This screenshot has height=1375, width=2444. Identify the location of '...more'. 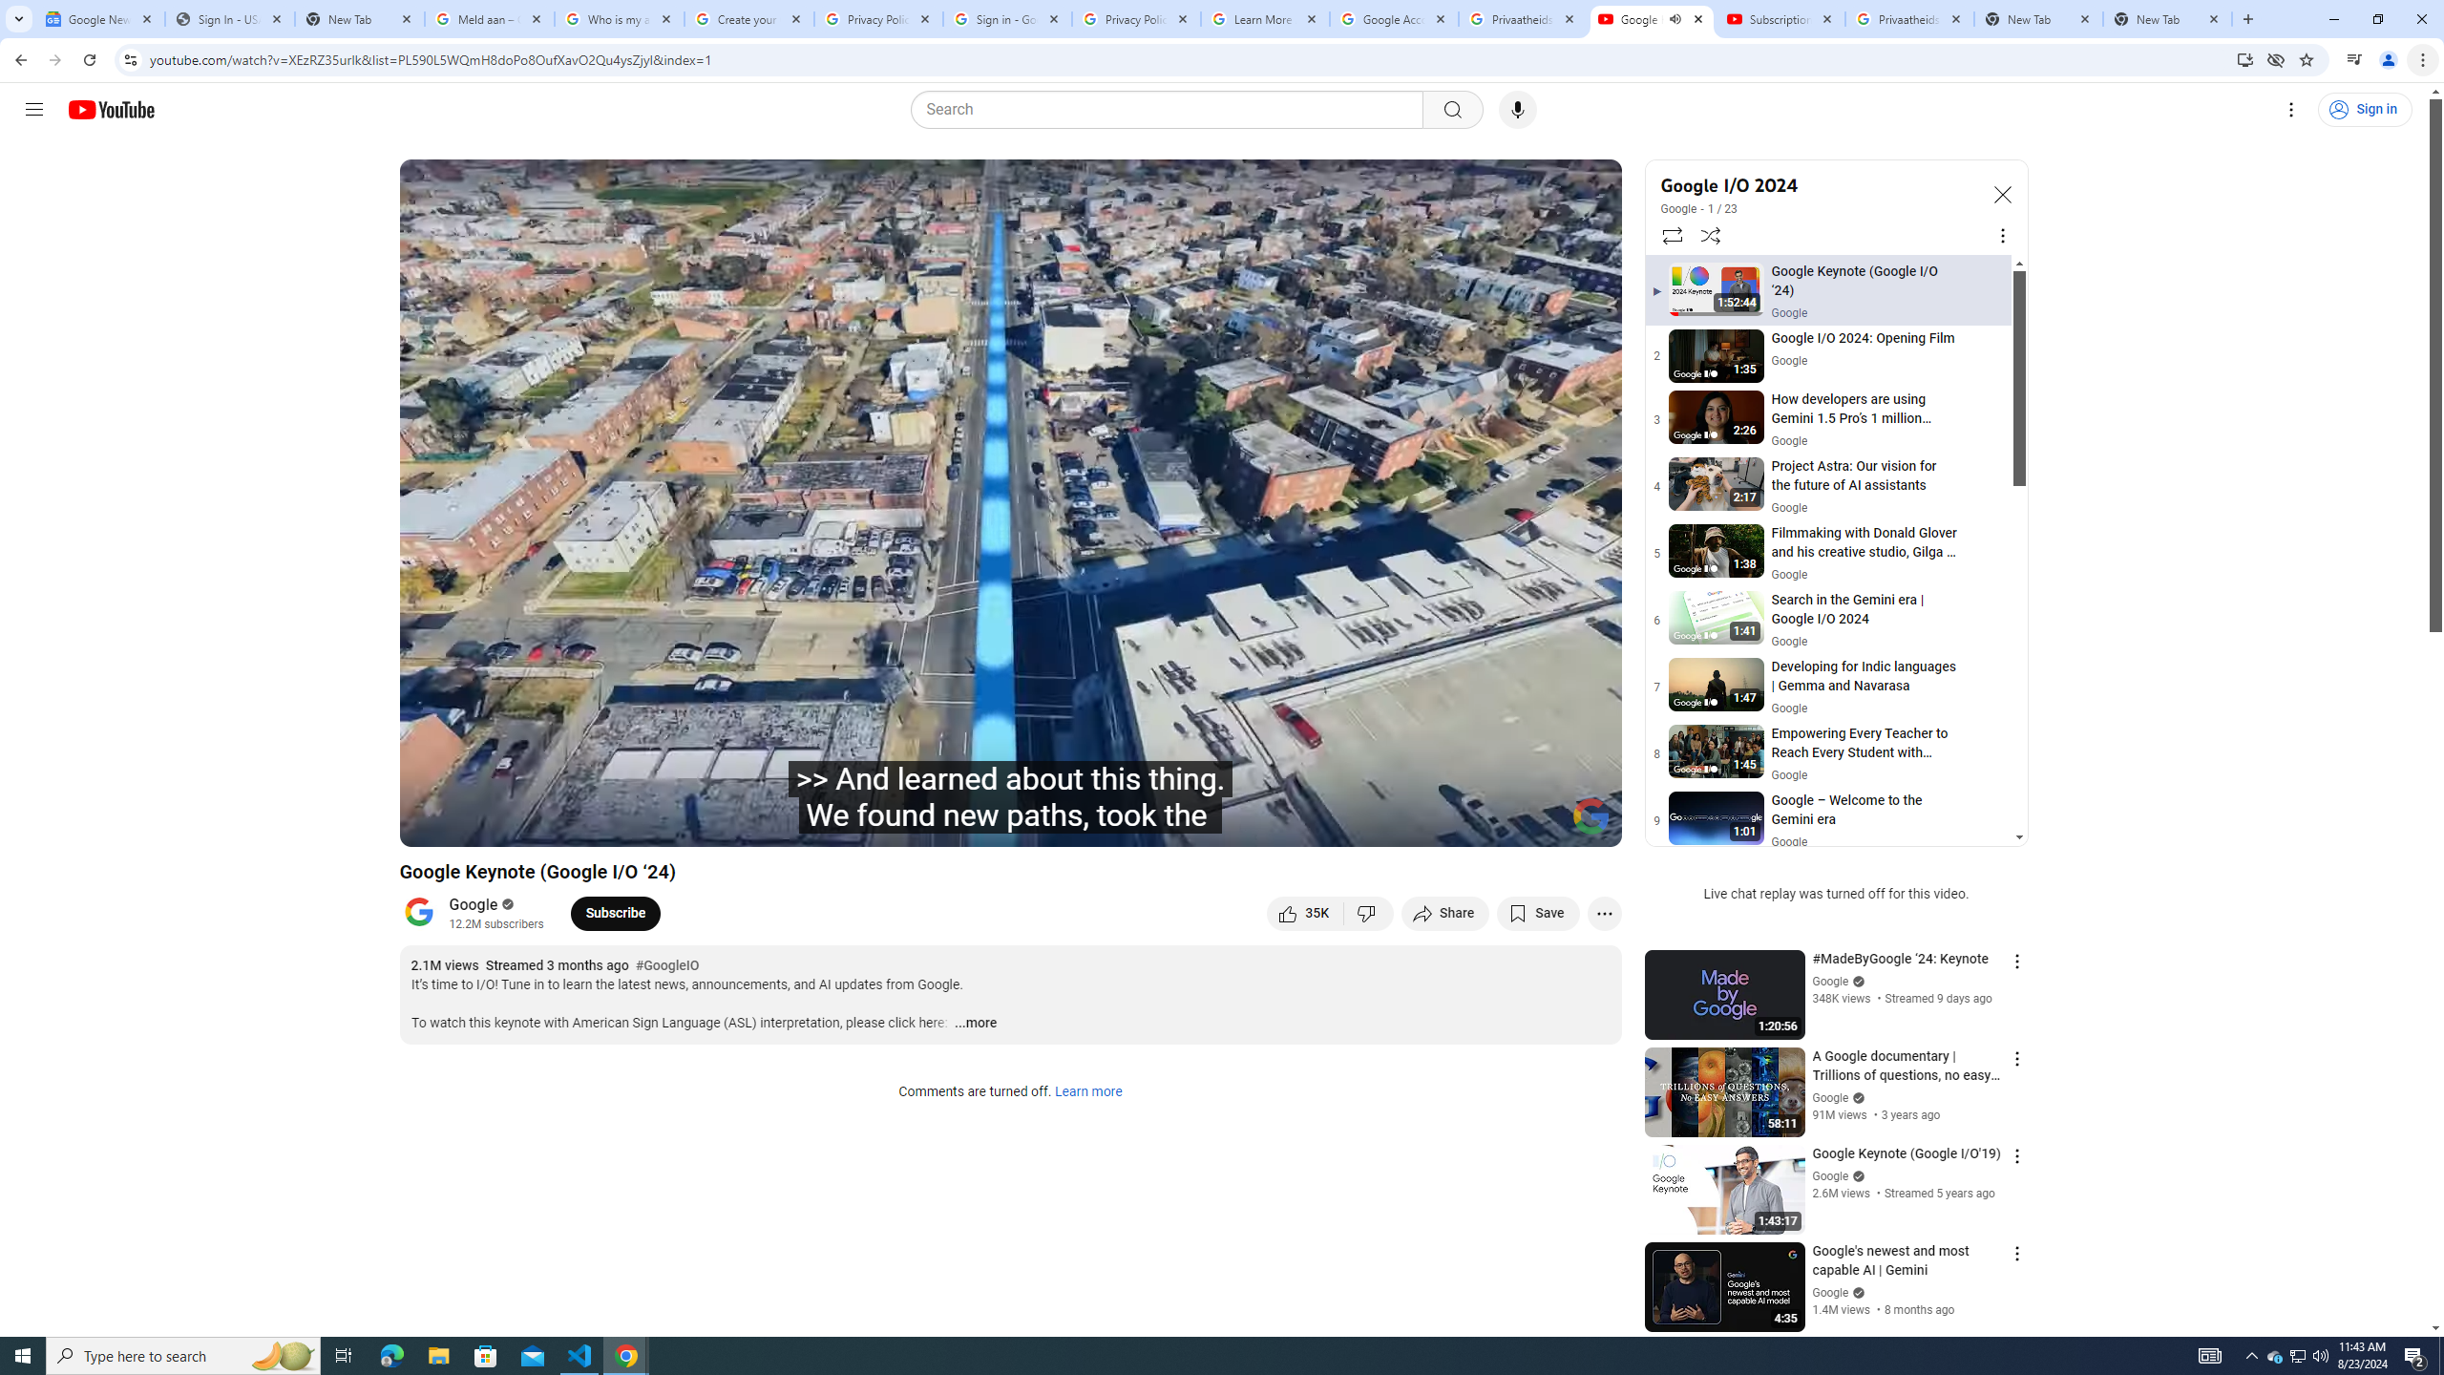
(974, 1024).